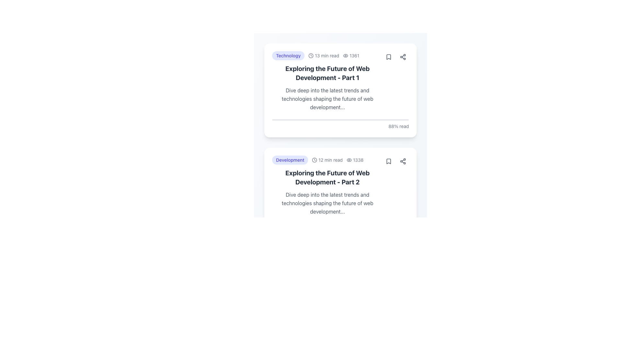  What do you see at coordinates (389, 161) in the screenshot?
I see `the bookmark icon located at the top right corner of the second article card titled 'Exploring the Future of Web Development - Part 2'` at bounding box center [389, 161].